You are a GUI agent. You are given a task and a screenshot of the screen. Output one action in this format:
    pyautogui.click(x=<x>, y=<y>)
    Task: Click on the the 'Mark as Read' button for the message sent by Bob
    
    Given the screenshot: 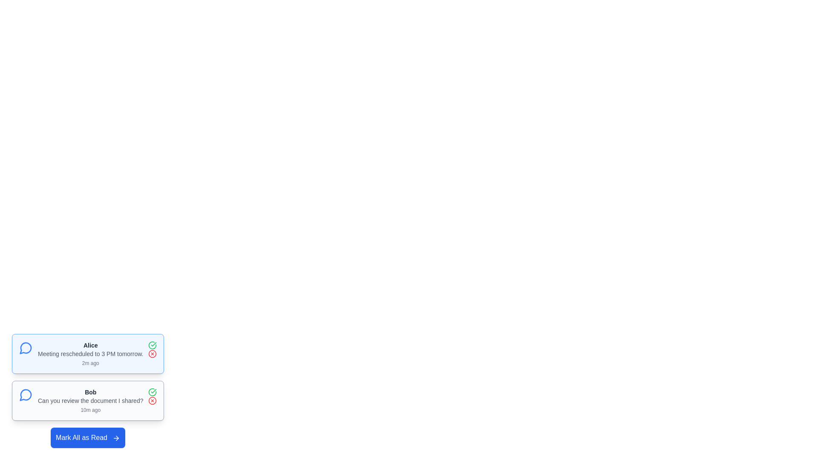 What is the action you would take?
    pyautogui.click(x=153, y=392)
    